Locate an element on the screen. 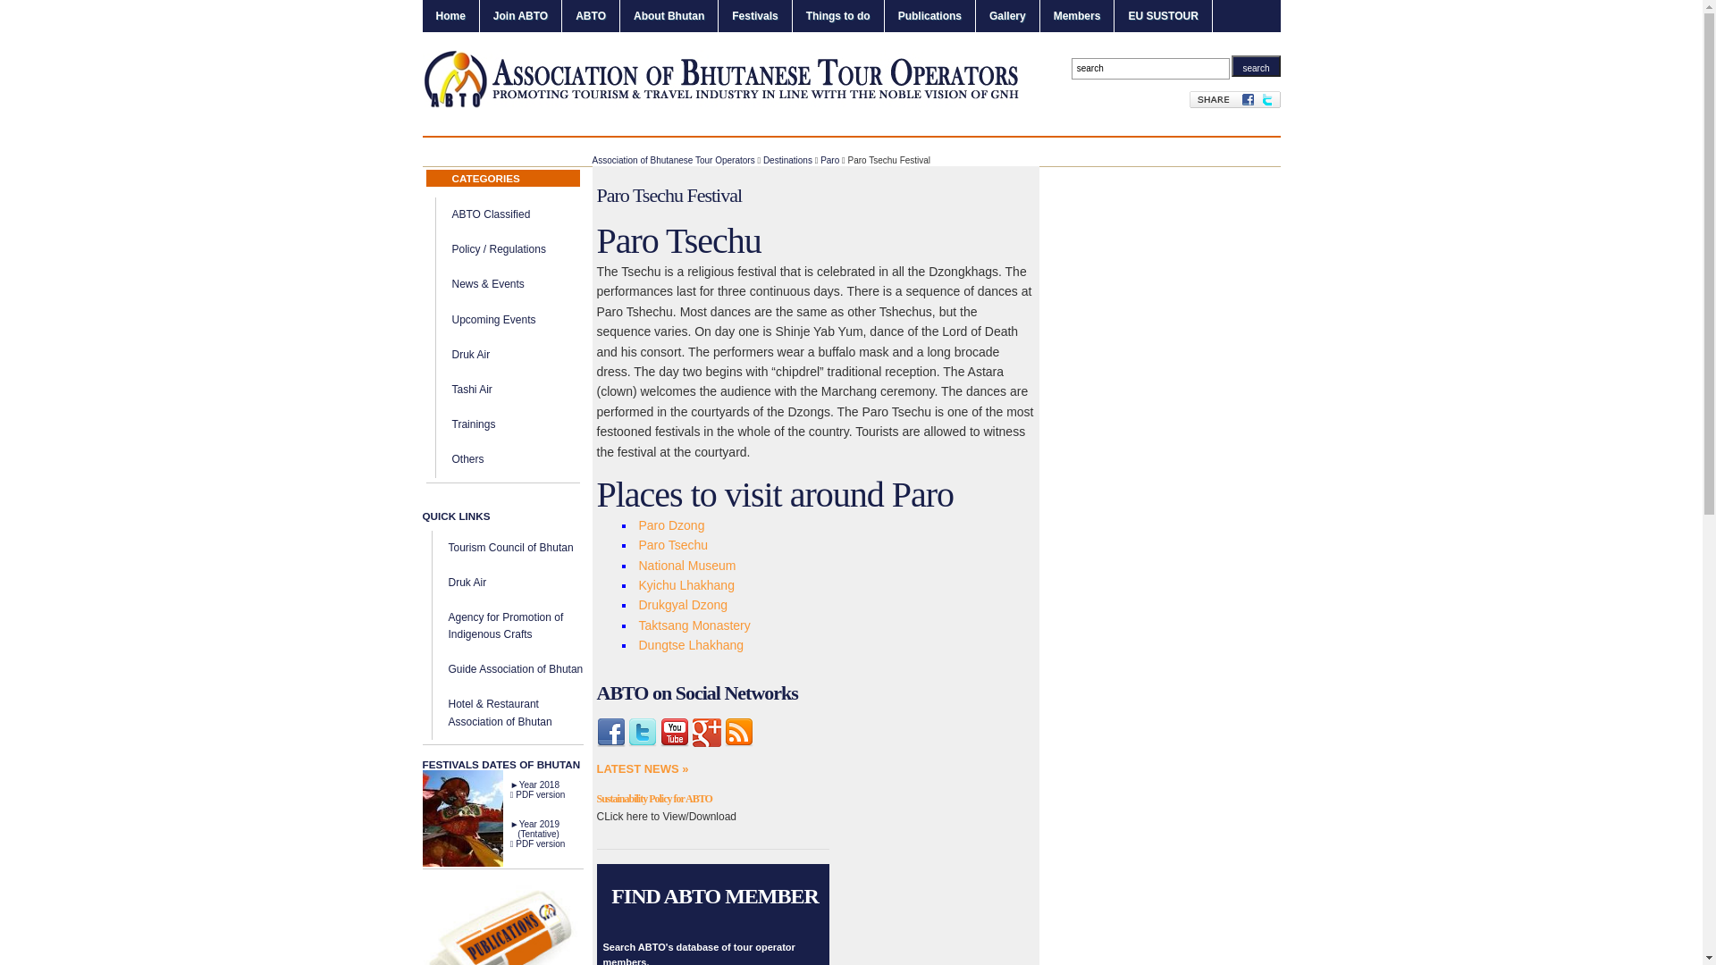 This screenshot has height=965, width=1716. 'Drukgyal Dzong' is located at coordinates (681, 604).